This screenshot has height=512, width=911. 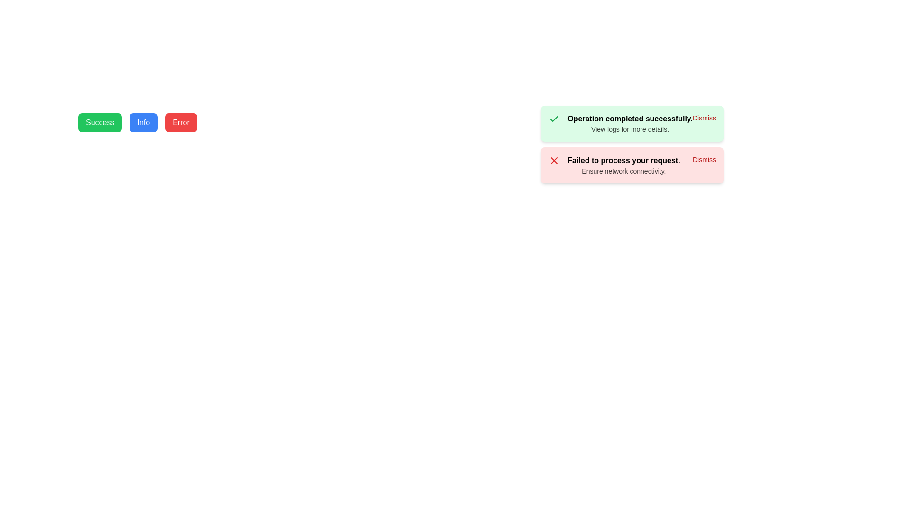 What do you see at coordinates (624, 160) in the screenshot?
I see `error message from the text label located in the second notification box with a red background, which is the first line of text in its grouping` at bounding box center [624, 160].